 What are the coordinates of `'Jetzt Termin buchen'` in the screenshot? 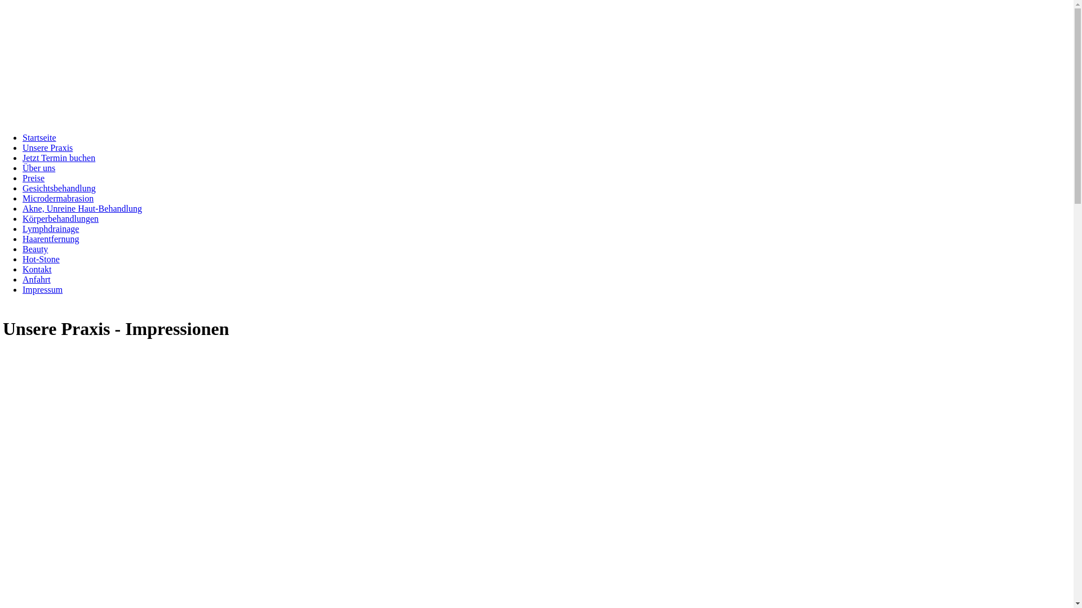 It's located at (58, 158).